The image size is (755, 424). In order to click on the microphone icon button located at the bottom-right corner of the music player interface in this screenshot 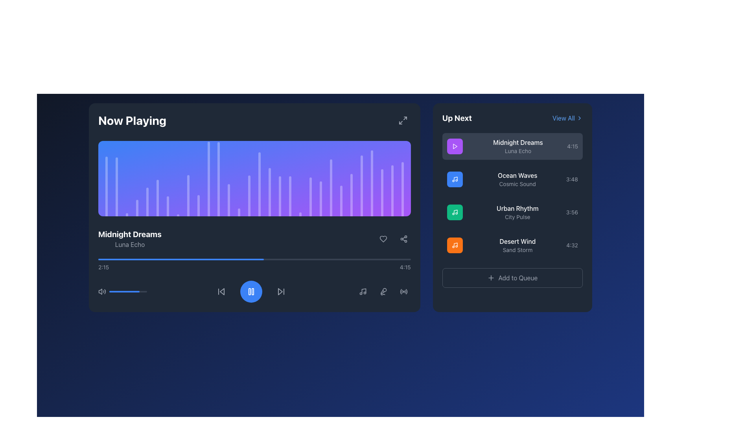, I will do `click(383, 292)`.